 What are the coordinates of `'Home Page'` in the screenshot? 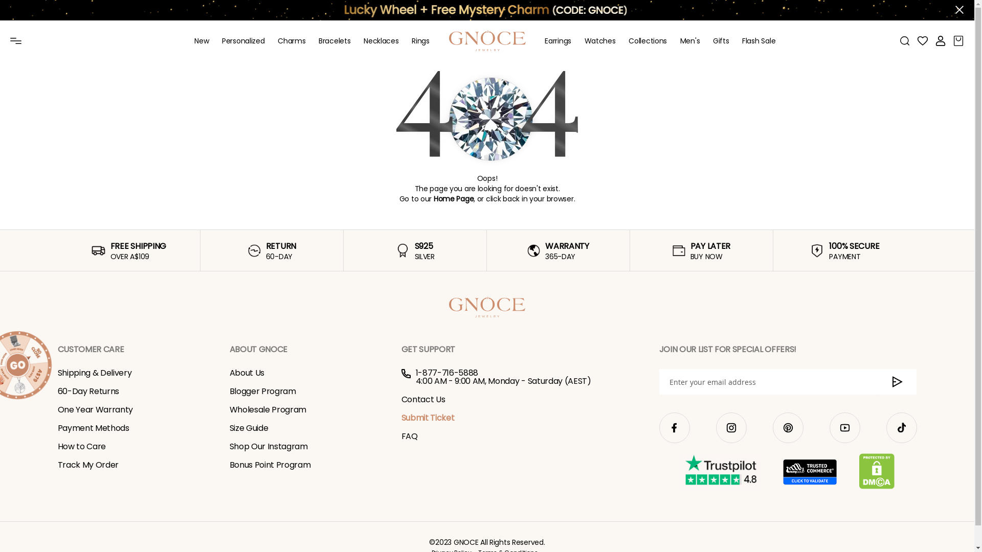 It's located at (453, 199).